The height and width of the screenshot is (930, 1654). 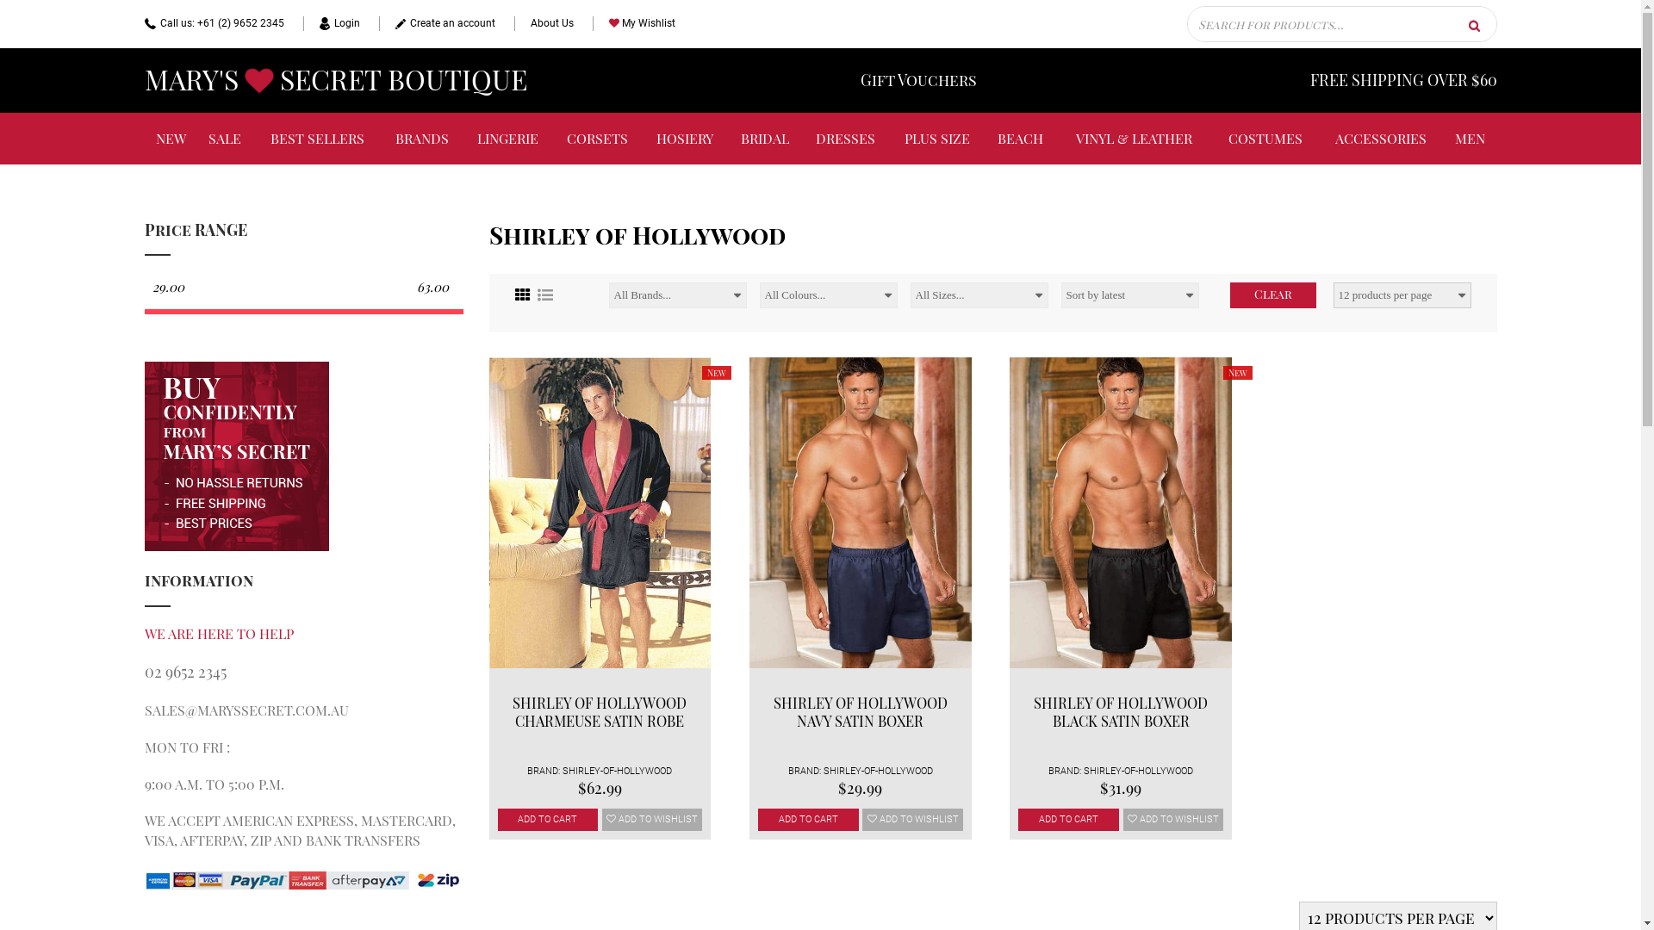 I want to click on 'MARY'S SECRET BOUTIQUE', so click(x=335, y=80).